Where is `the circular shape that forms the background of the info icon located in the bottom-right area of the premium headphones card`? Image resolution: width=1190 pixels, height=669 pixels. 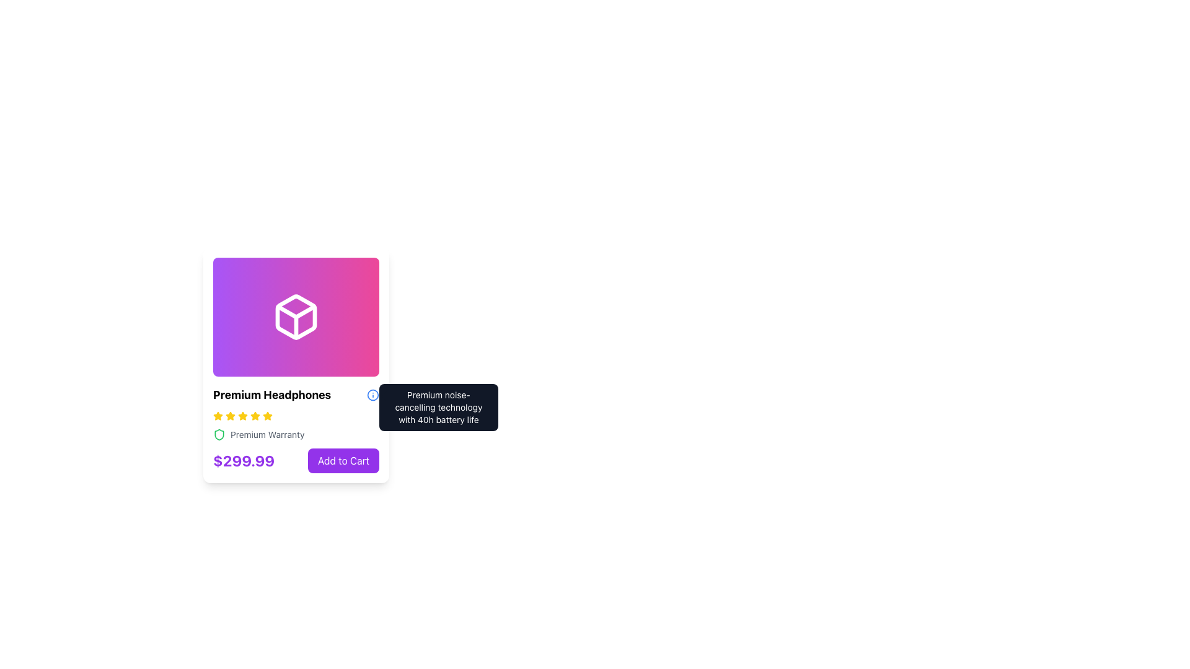
the circular shape that forms the background of the info icon located in the bottom-right area of the premium headphones card is located at coordinates (372, 395).